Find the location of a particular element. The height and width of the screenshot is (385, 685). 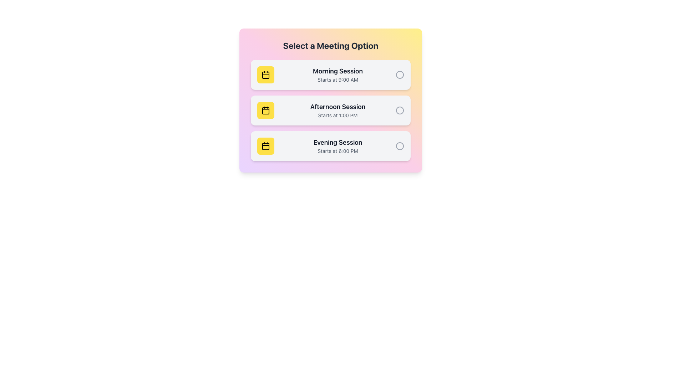

the second selection card for the afternoon session starting at 1:00 PM is located at coordinates (330, 100).